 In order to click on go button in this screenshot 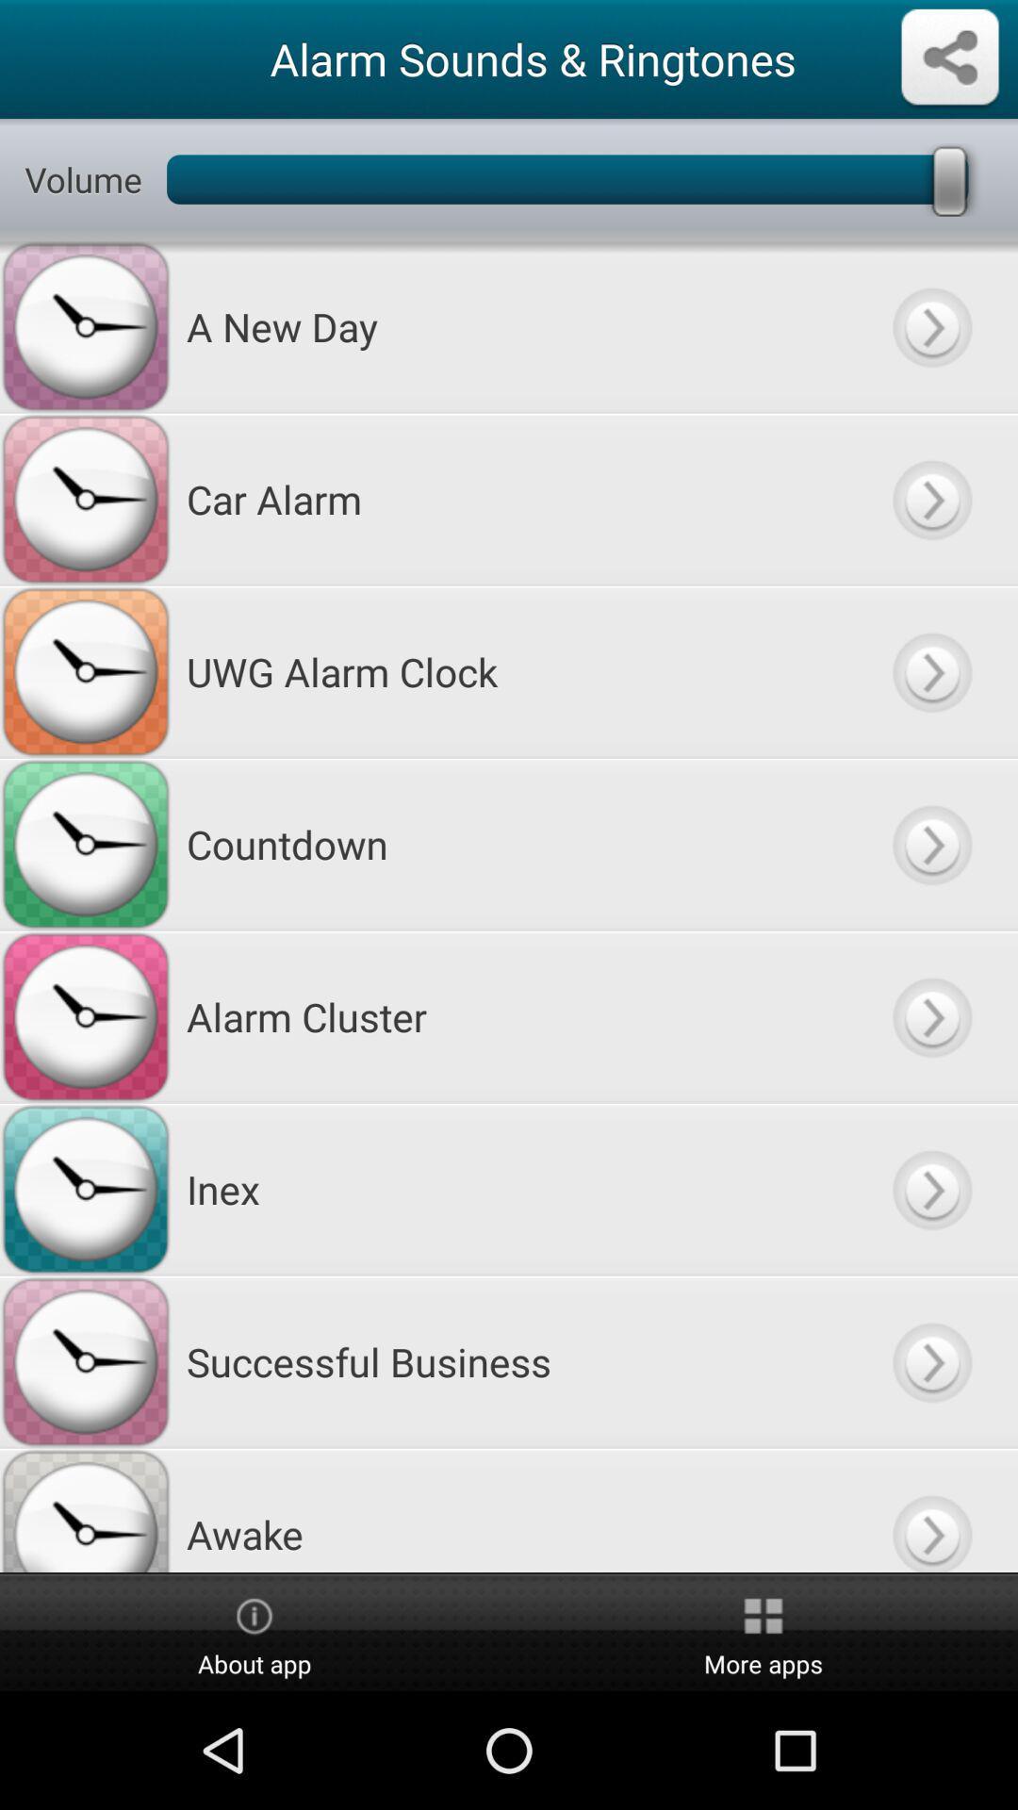, I will do `click(930, 1510)`.